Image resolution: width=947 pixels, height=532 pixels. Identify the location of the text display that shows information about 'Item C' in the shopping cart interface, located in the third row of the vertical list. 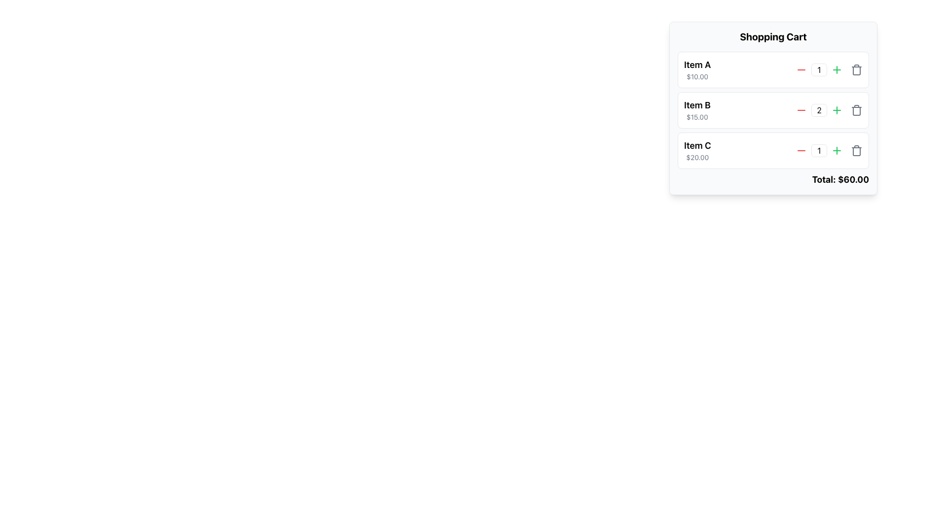
(697, 150).